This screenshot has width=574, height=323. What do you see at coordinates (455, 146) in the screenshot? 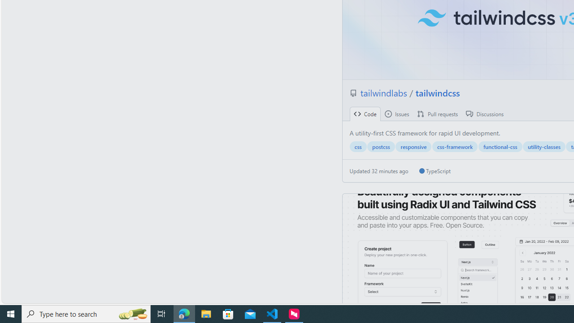
I see `'css-framework'` at bounding box center [455, 146].